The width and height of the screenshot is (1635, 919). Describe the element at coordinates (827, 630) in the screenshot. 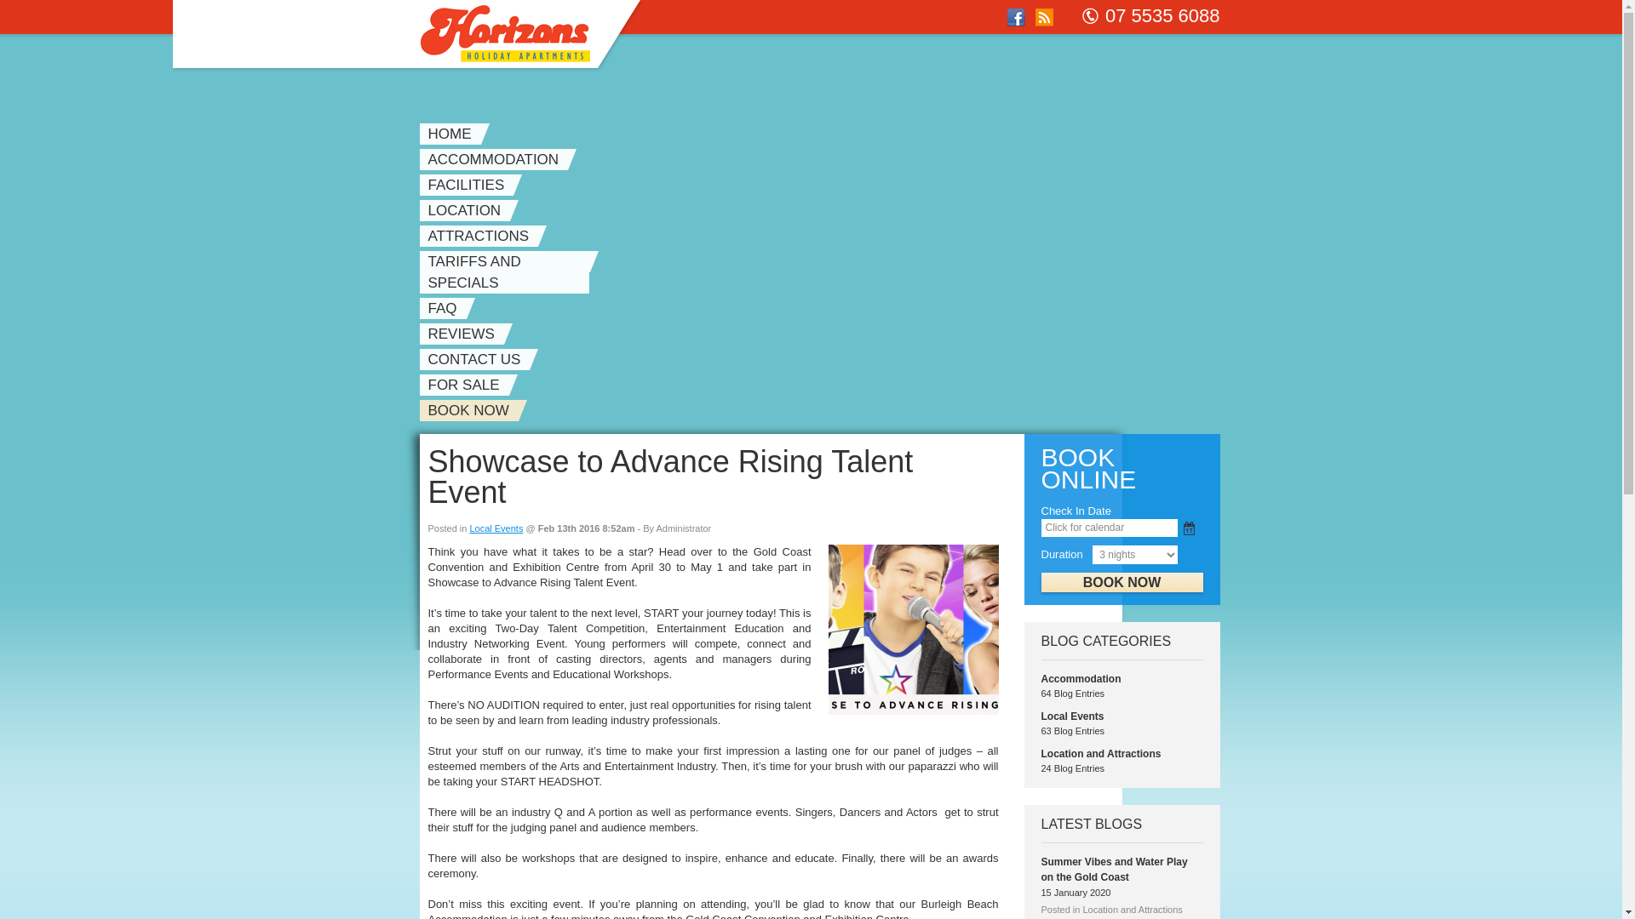

I see `'Showcase To Advance Rising Talent Event'` at that location.